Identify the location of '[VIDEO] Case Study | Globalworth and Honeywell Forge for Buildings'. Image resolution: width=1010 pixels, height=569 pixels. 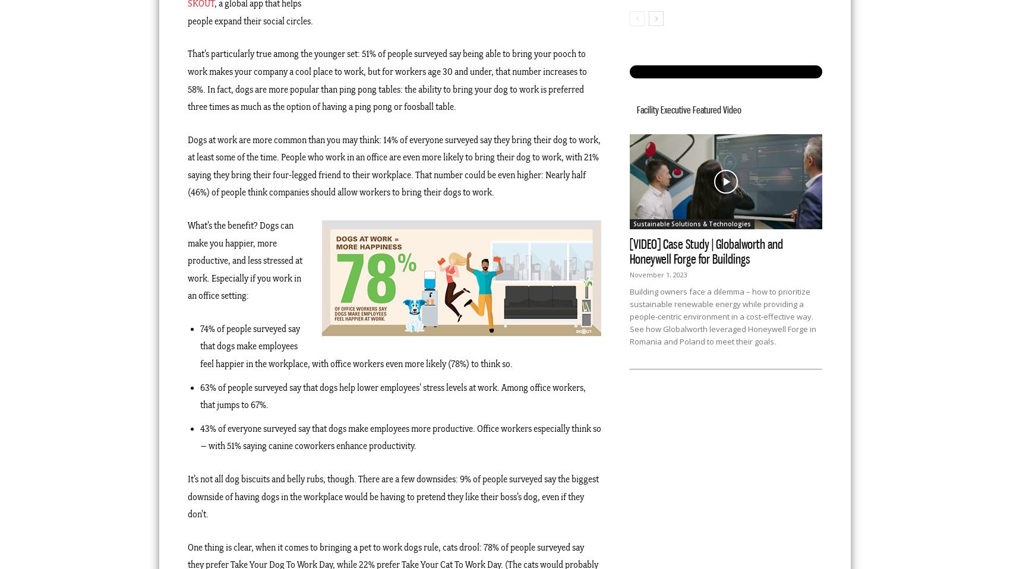
(705, 252).